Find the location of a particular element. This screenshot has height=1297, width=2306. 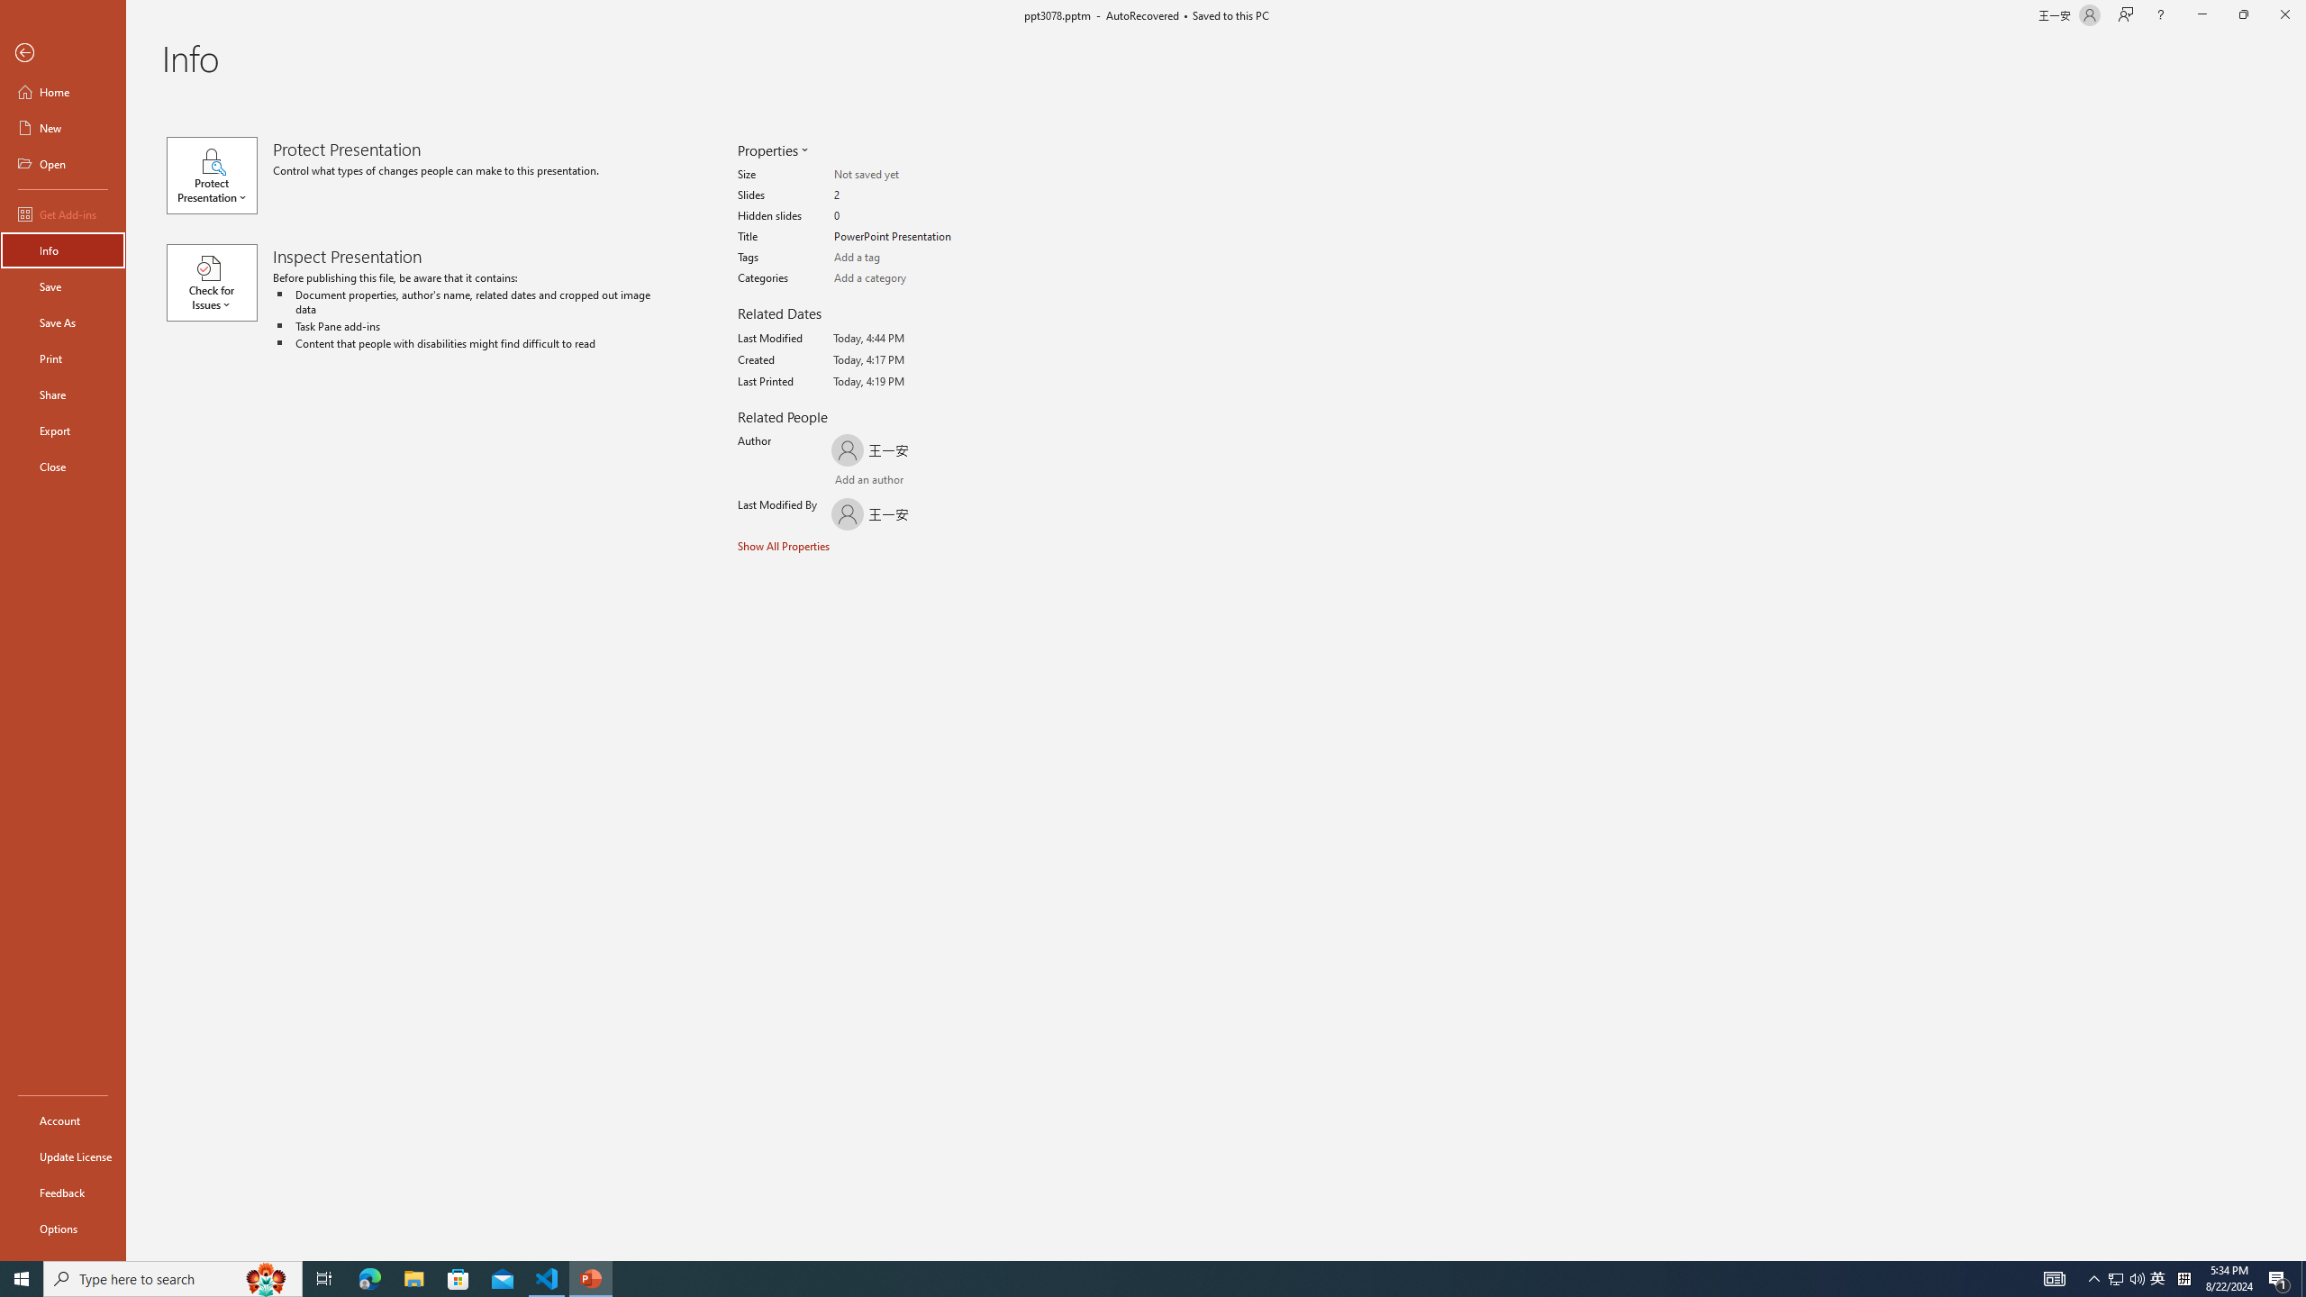

'Properties' is located at coordinates (771, 150).